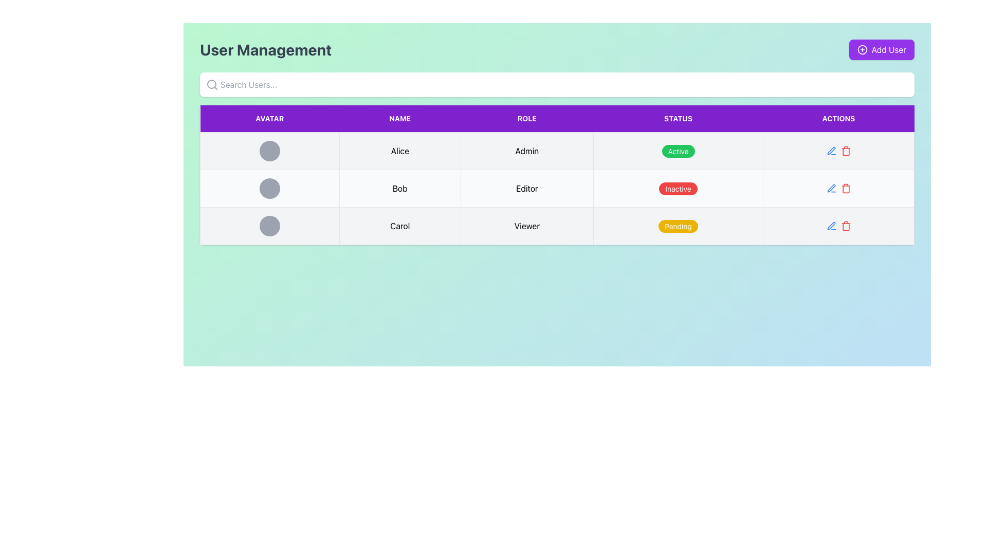 The width and height of the screenshot is (987, 555). Describe the element at coordinates (269, 188) in the screenshot. I see `the circular gray button-like UI component in the second row under the 'Avatar' column, aligned with user 'Bob'` at that location.